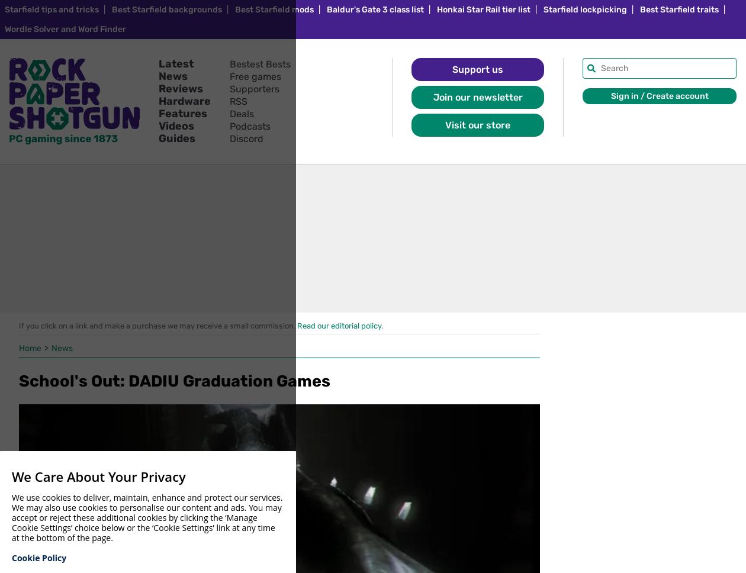  I want to click on 'Sign in / Create account', so click(659, 96).